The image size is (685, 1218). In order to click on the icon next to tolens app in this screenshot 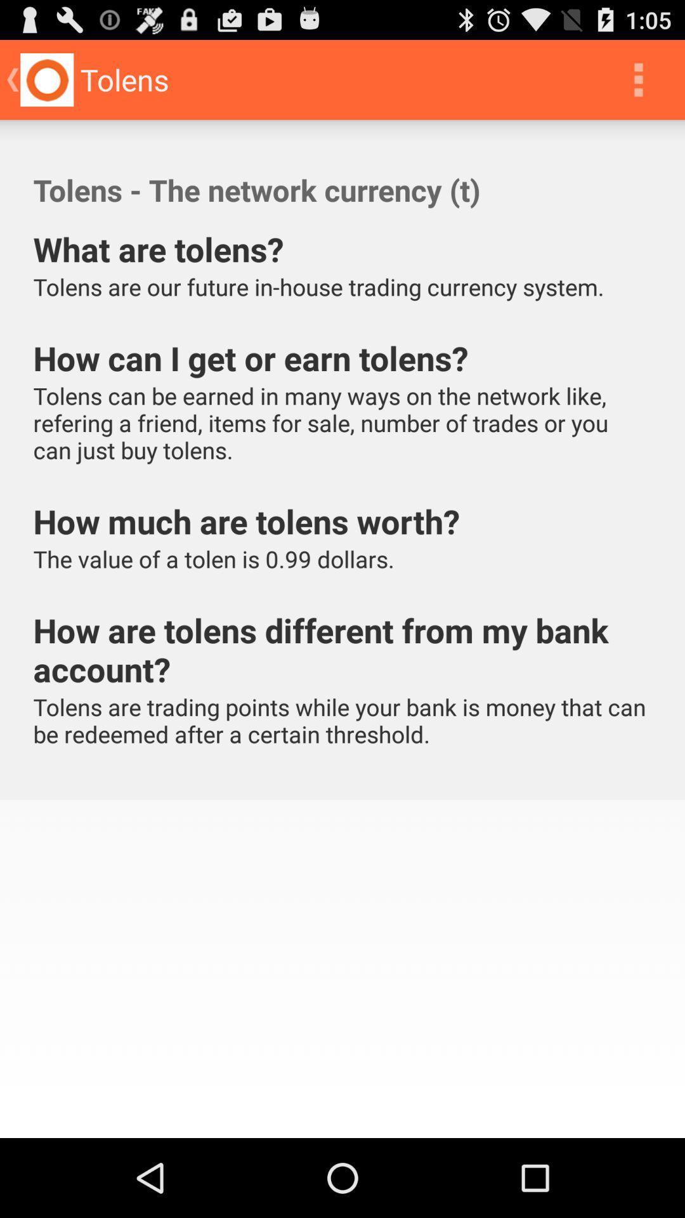, I will do `click(638, 79)`.